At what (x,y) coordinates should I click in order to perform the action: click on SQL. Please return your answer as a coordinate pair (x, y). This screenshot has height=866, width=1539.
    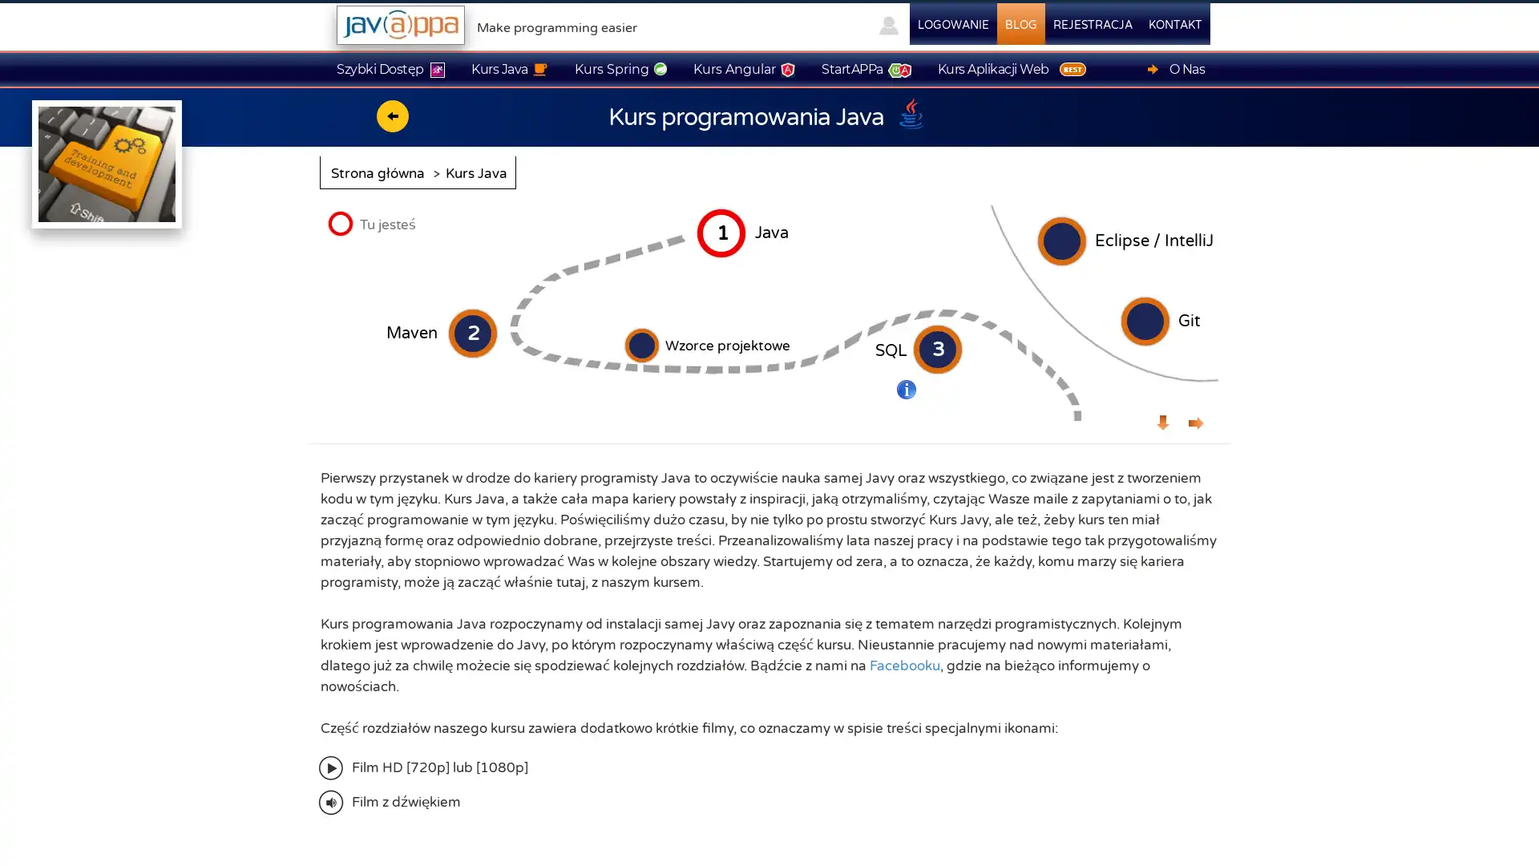
    Looking at the image, I should click on (896, 350).